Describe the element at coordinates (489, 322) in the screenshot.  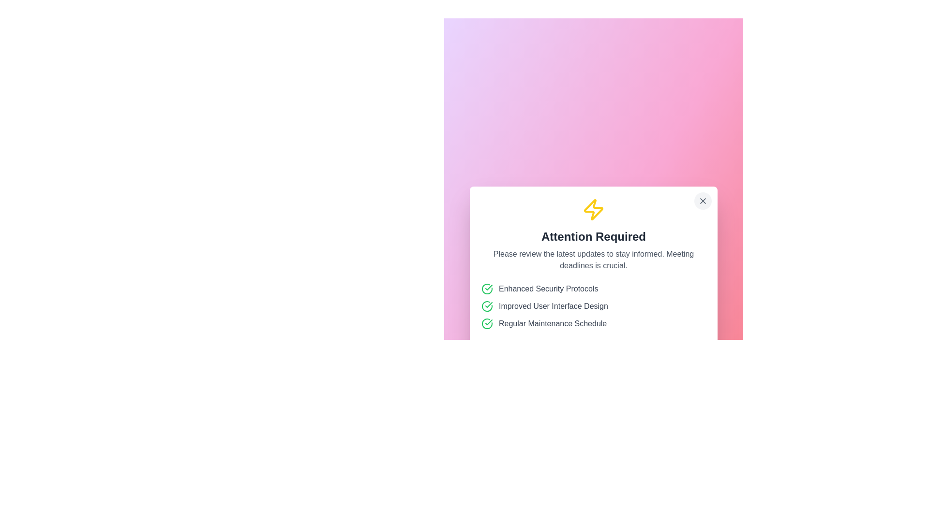
I see `the confirmation icon indicating approval for 'Enhanced Security Protocols'` at that location.